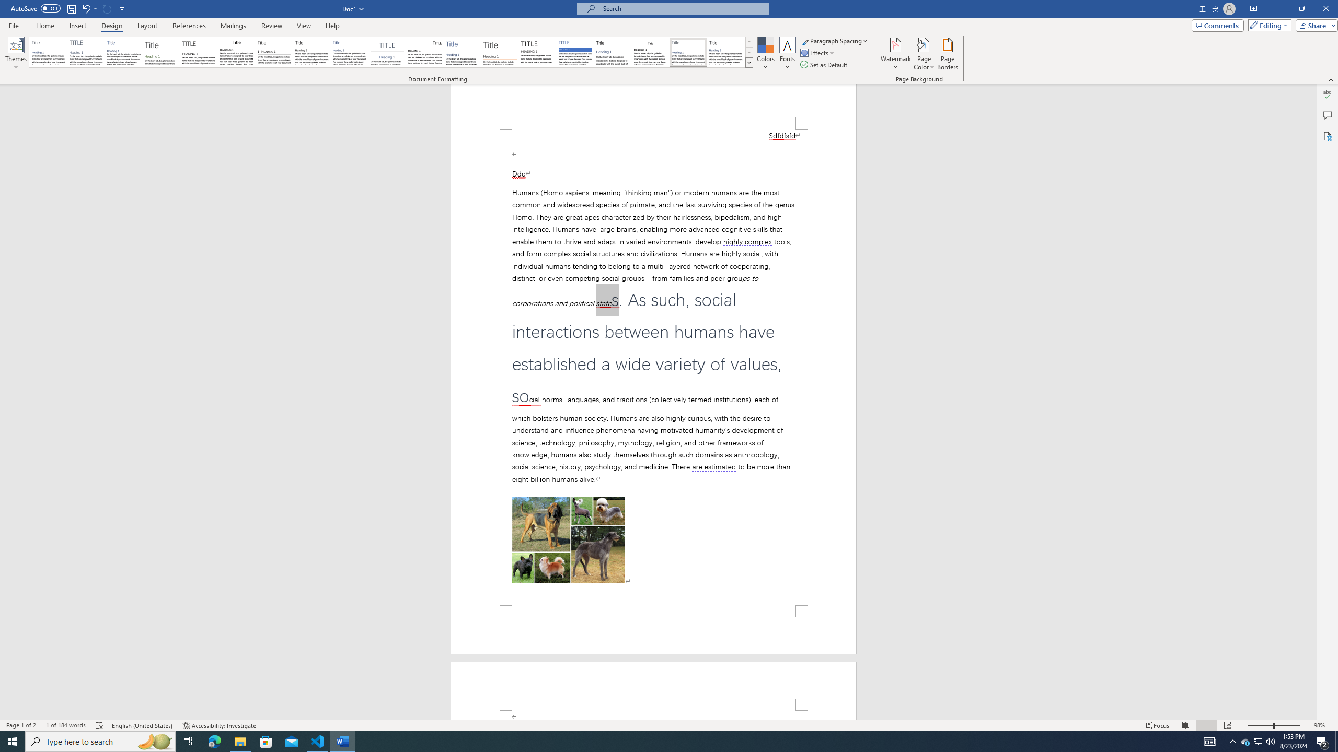 The width and height of the screenshot is (1338, 752). I want to click on 'Black & White (Capitalized)', so click(199, 52).